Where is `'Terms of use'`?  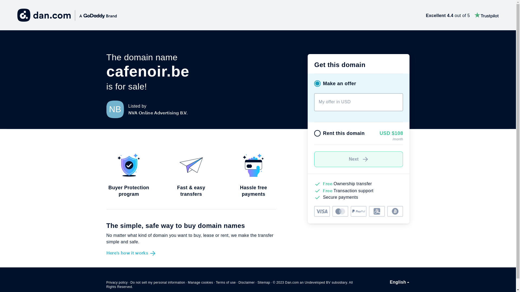
'Terms of use' is located at coordinates (226, 282).